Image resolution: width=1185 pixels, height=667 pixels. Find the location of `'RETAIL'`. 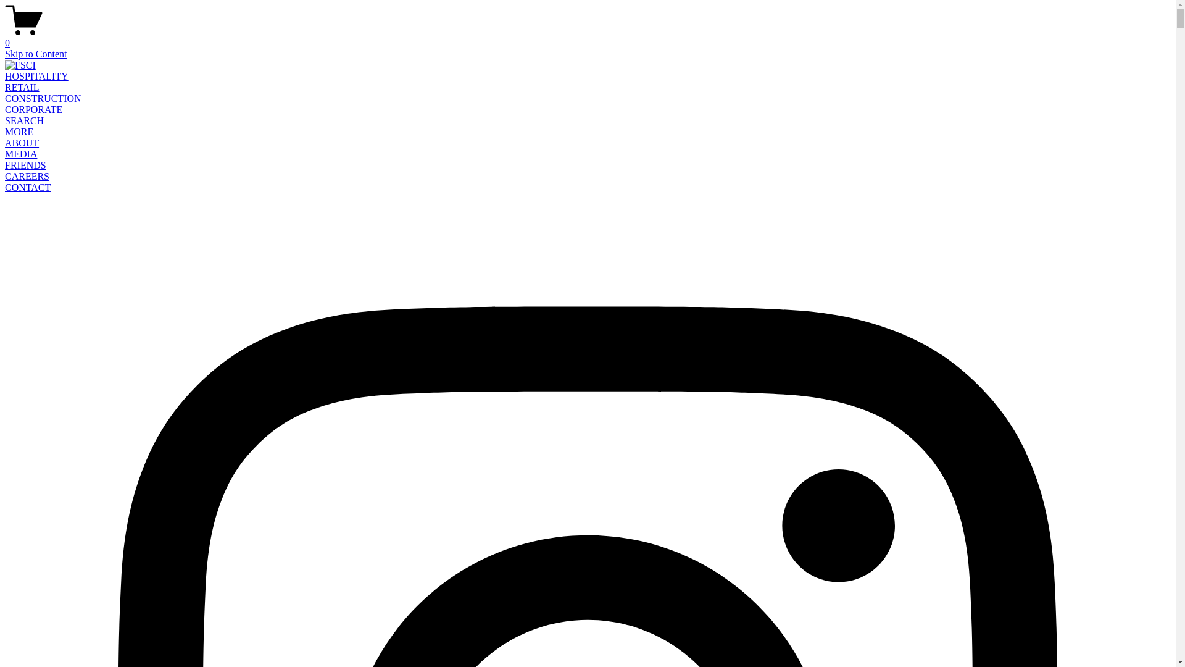

'RETAIL' is located at coordinates (5, 86).